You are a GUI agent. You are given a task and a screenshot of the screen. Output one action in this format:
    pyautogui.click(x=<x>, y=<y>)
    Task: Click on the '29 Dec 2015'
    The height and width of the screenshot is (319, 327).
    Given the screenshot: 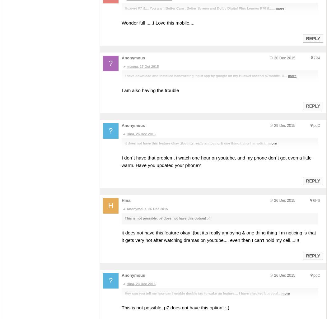 What is the action you would take?
    pyautogui.click(x=273, y=125)
    